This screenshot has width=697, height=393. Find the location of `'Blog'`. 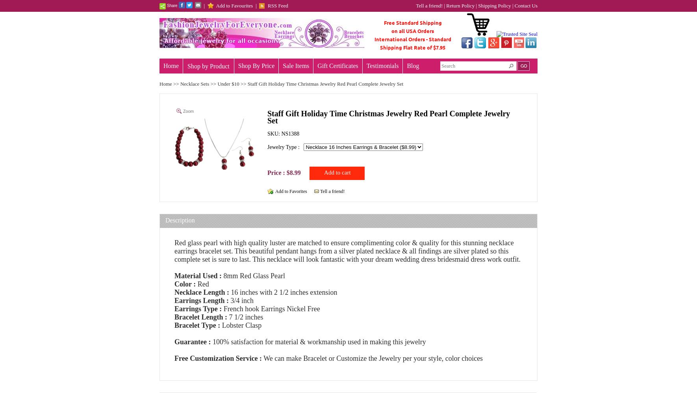

'Blog' is located at coordinates (413, 65).